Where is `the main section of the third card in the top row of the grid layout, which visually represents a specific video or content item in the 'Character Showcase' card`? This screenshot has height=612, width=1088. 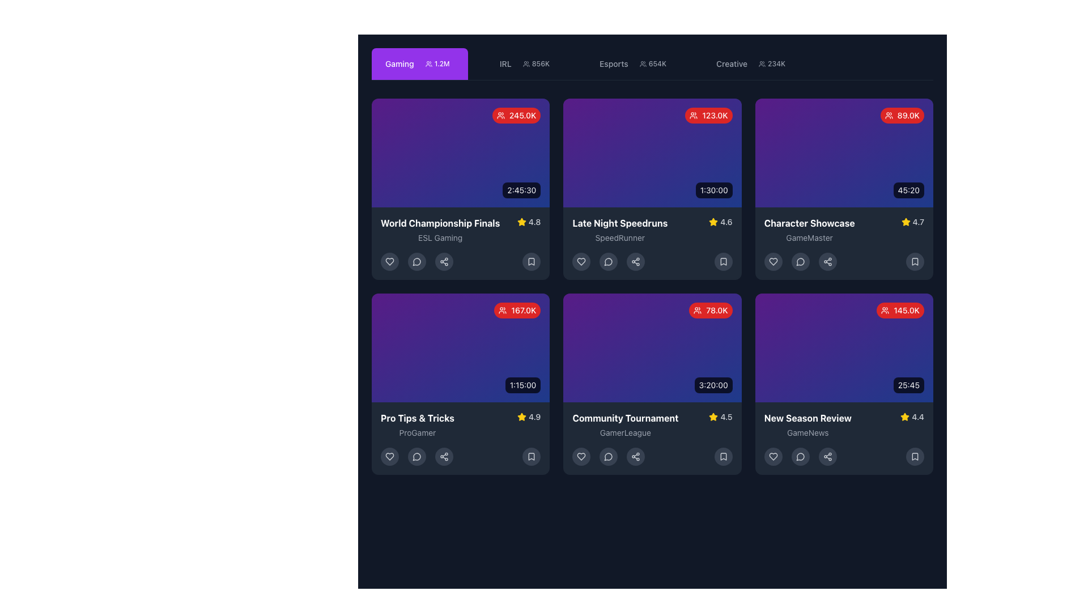 the main section of the third card in the top row of the grid layout, which visually represents a specific video or content item in the 'Character Showcase' card is located at coordinates (844, 153).